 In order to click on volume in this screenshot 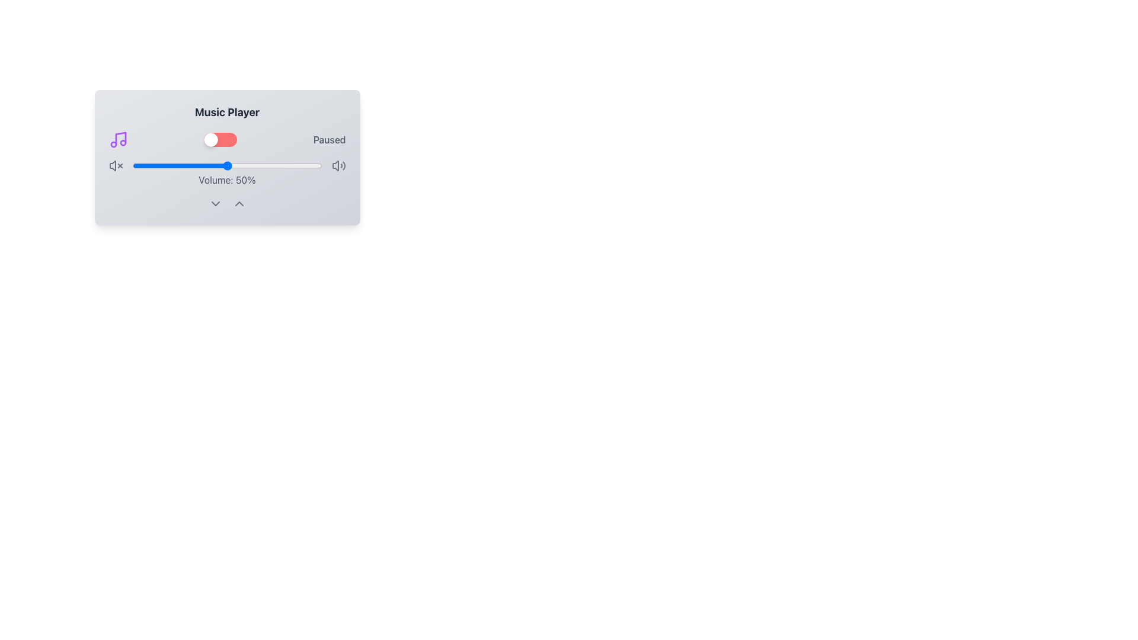, I will do `click(140, 166)`.